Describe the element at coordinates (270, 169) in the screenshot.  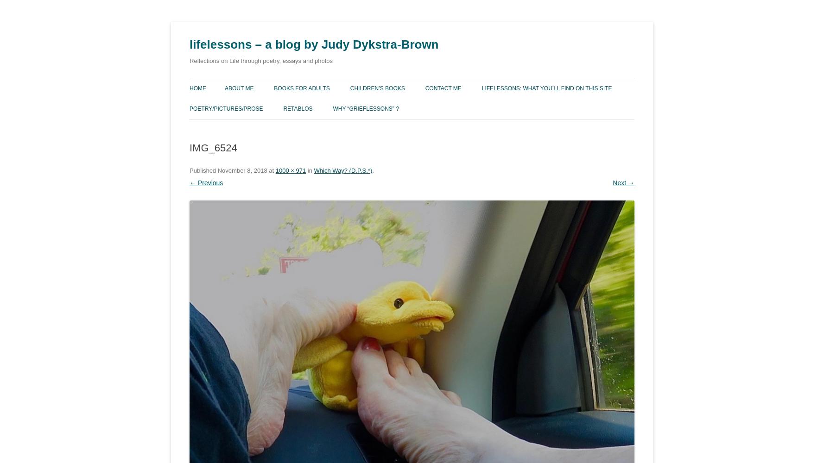
I see `'at'` at that location.